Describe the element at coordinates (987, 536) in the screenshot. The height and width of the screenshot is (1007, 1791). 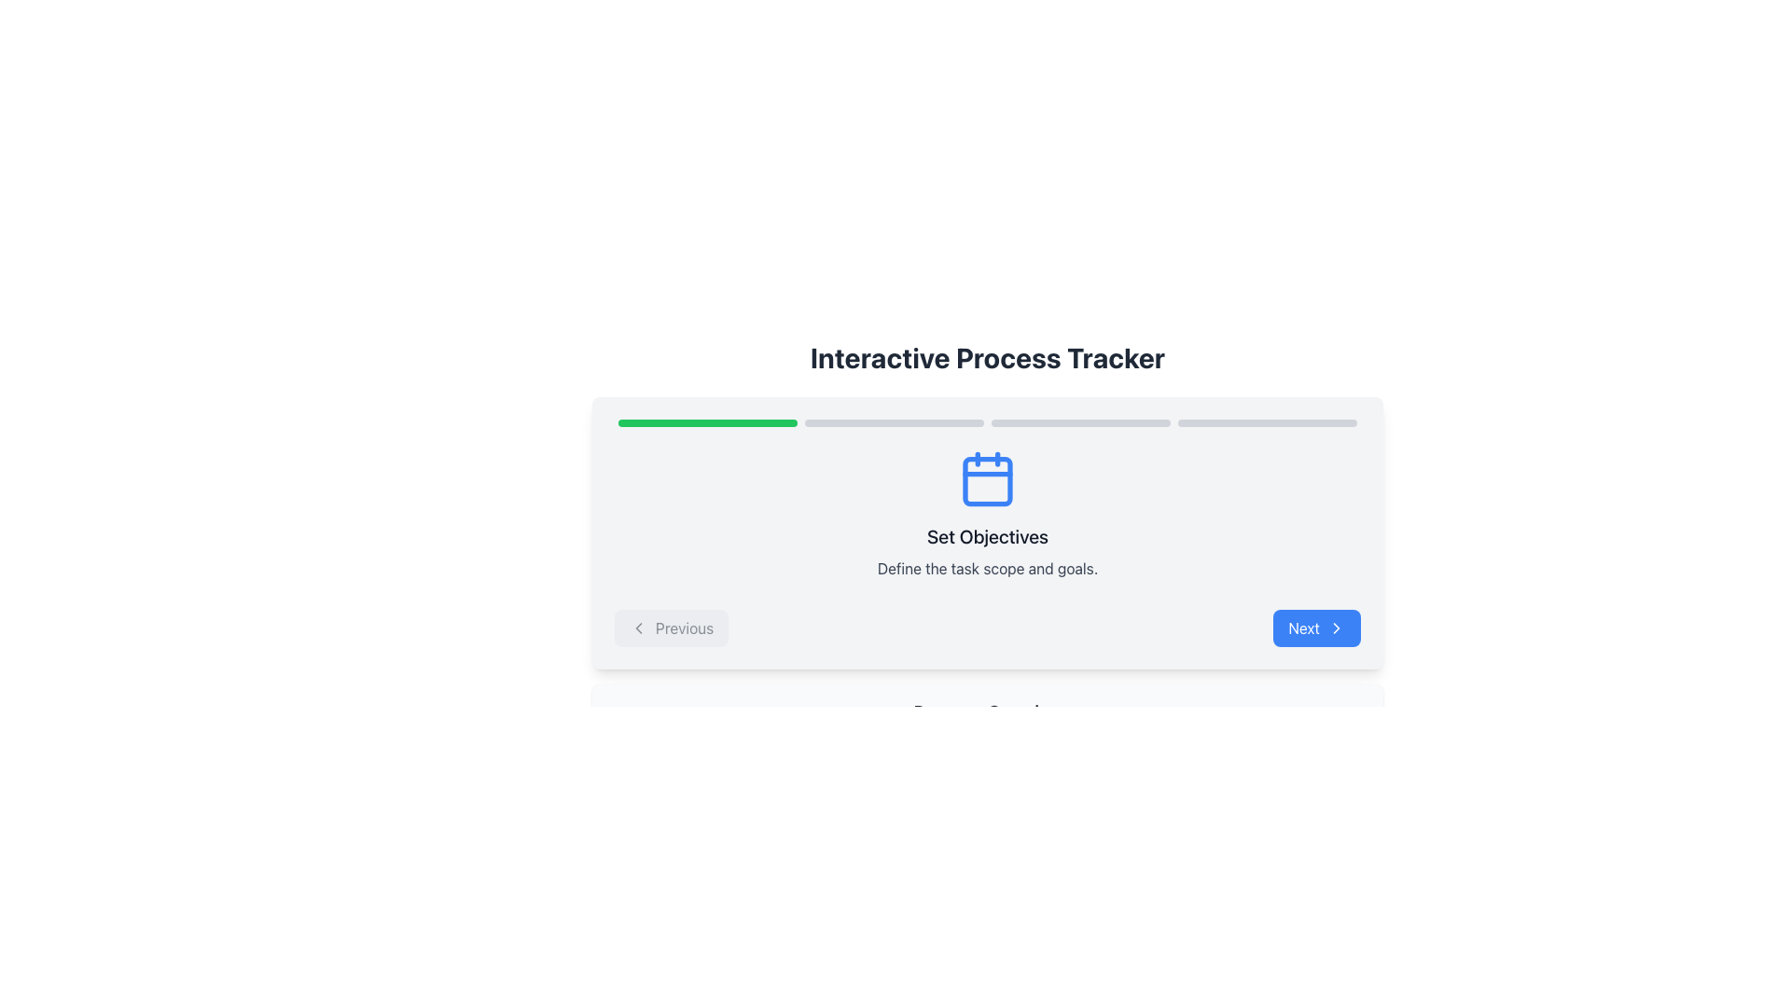
I see `the 'Set Objectives' text label, which is centrally aligned and located below the progress bar and above the descriptive text about defining task scope and goals` at that location.